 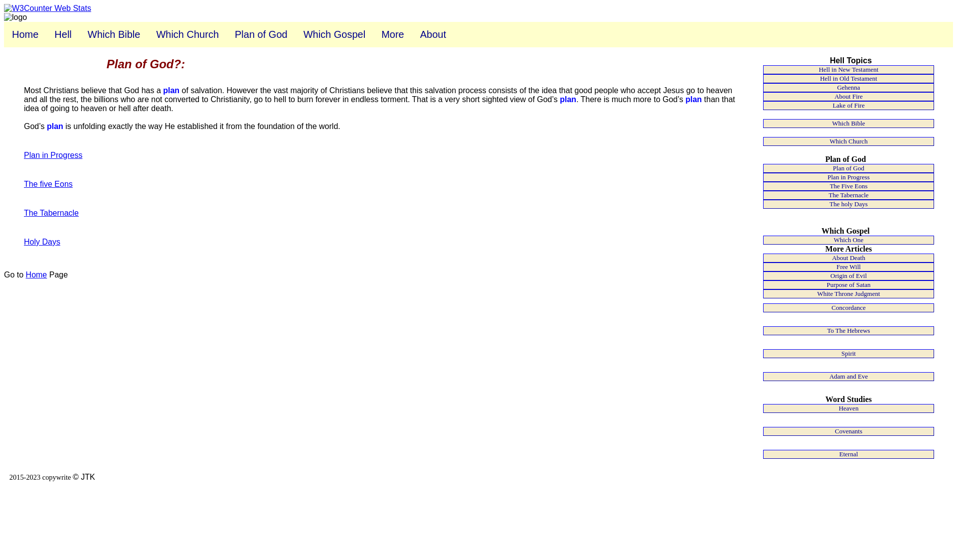 I want to click on 'Origin of Evil', so click(x=763, y=276).